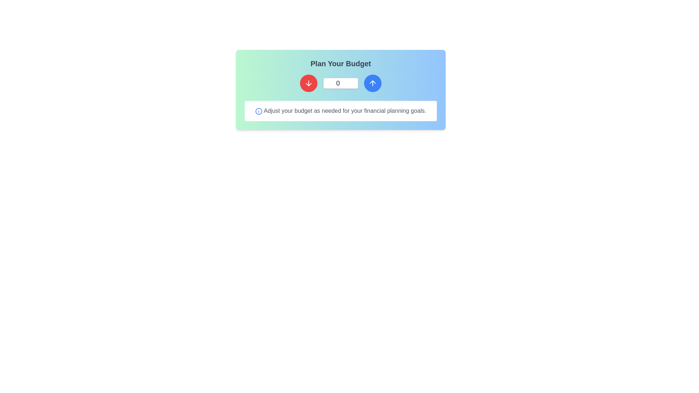  Describe the element at coordinates (372, 83) in the screenshot. I see `the upward arrow icon embedded in a blue circular button located on the right side of the layout` at that location.